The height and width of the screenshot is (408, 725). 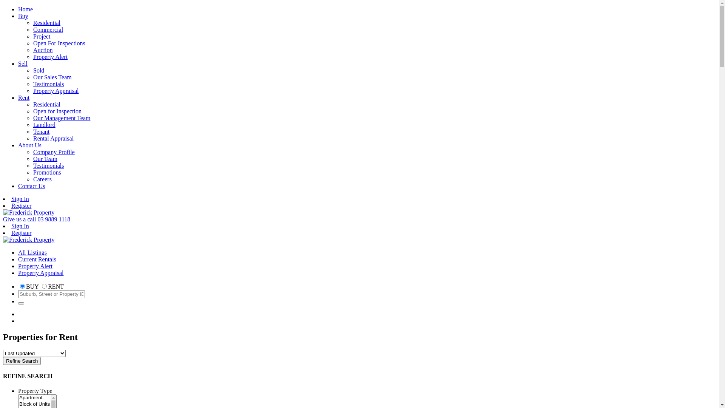 What do you see at coordinates (38, 70) in the screenshot?
I see `'Sold'` at bounding box center [38, 70].